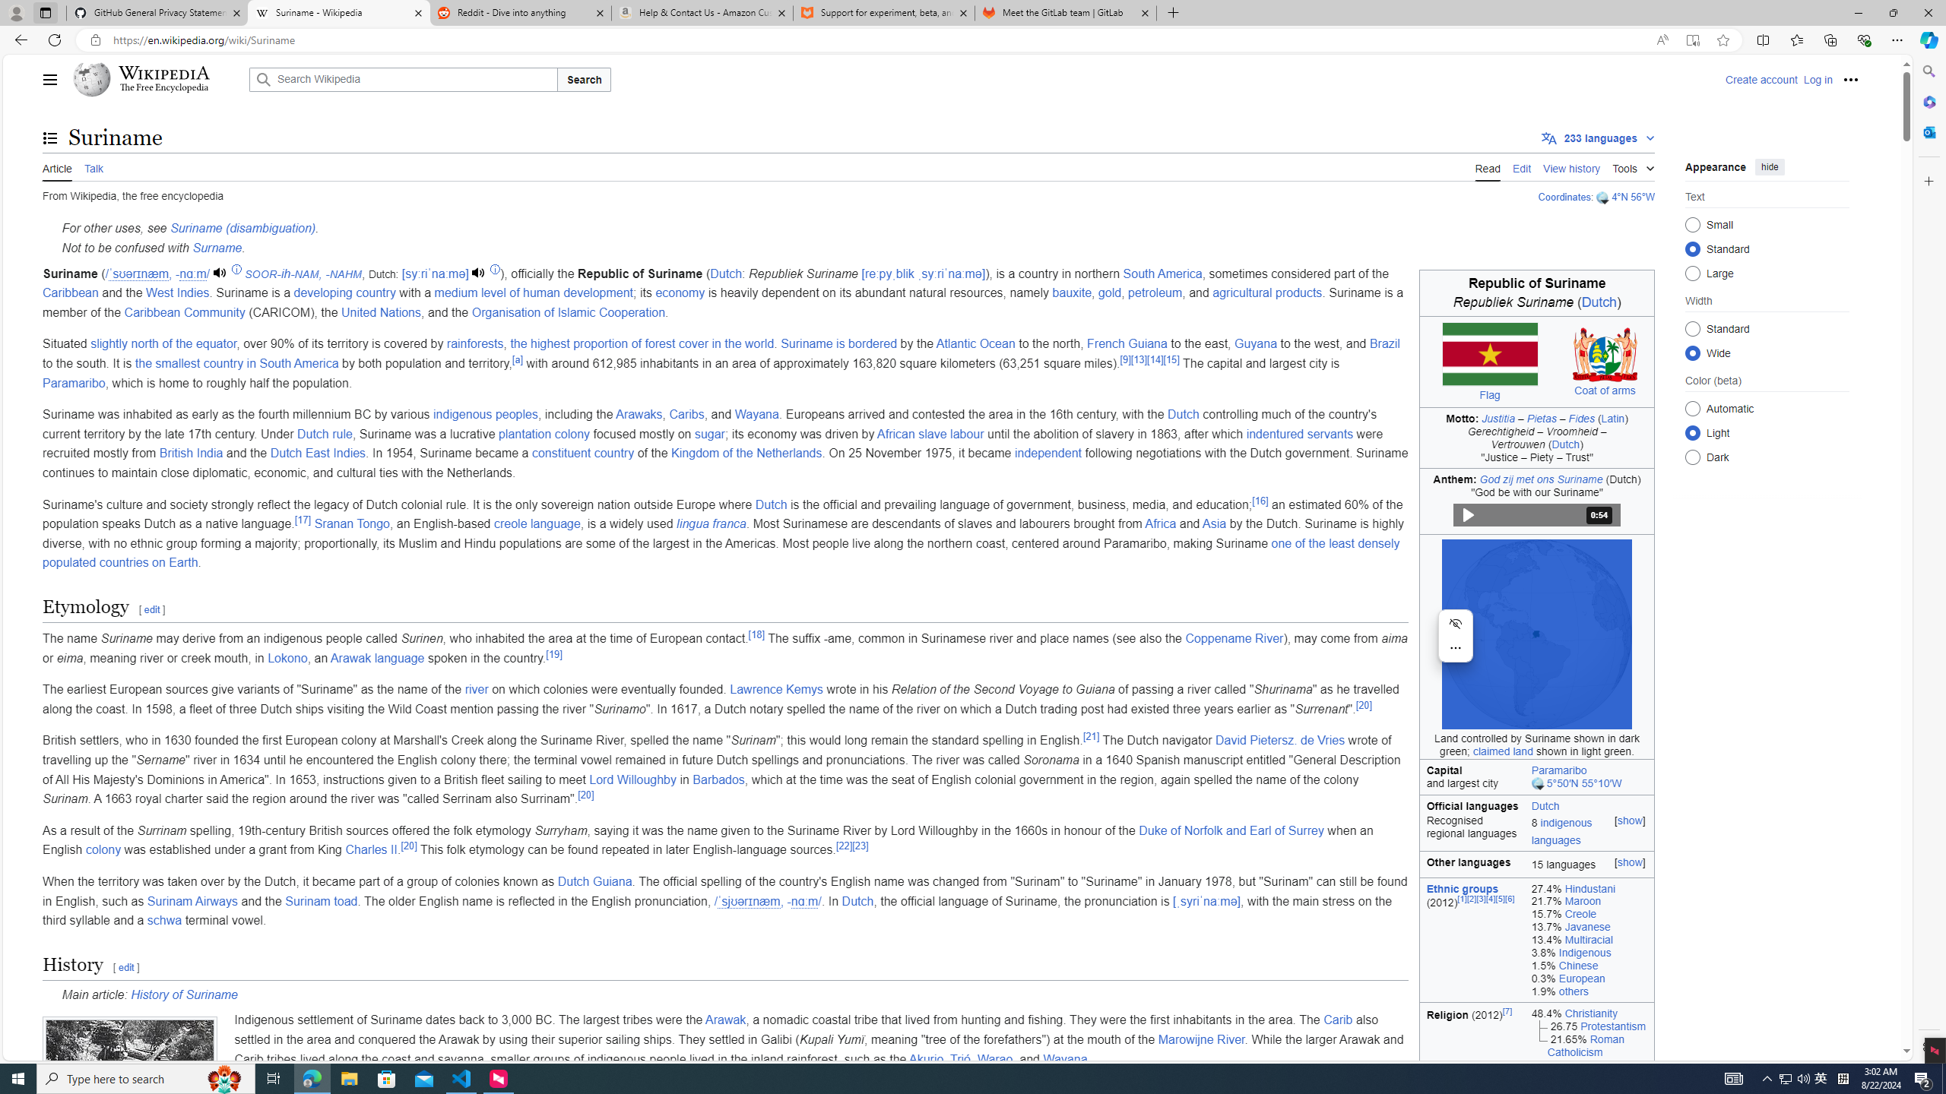  Describe the element at coordinates (1586, 926) in the screenshot. I see `'Javanese'` at that location.